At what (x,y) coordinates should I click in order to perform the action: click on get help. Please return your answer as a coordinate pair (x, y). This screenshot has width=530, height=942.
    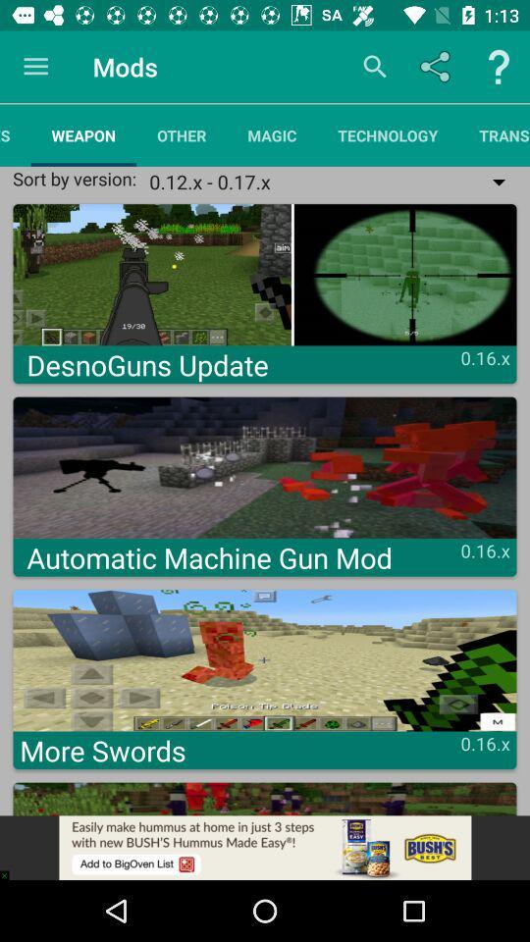
    Looking at the image, I should click on (499, 67).